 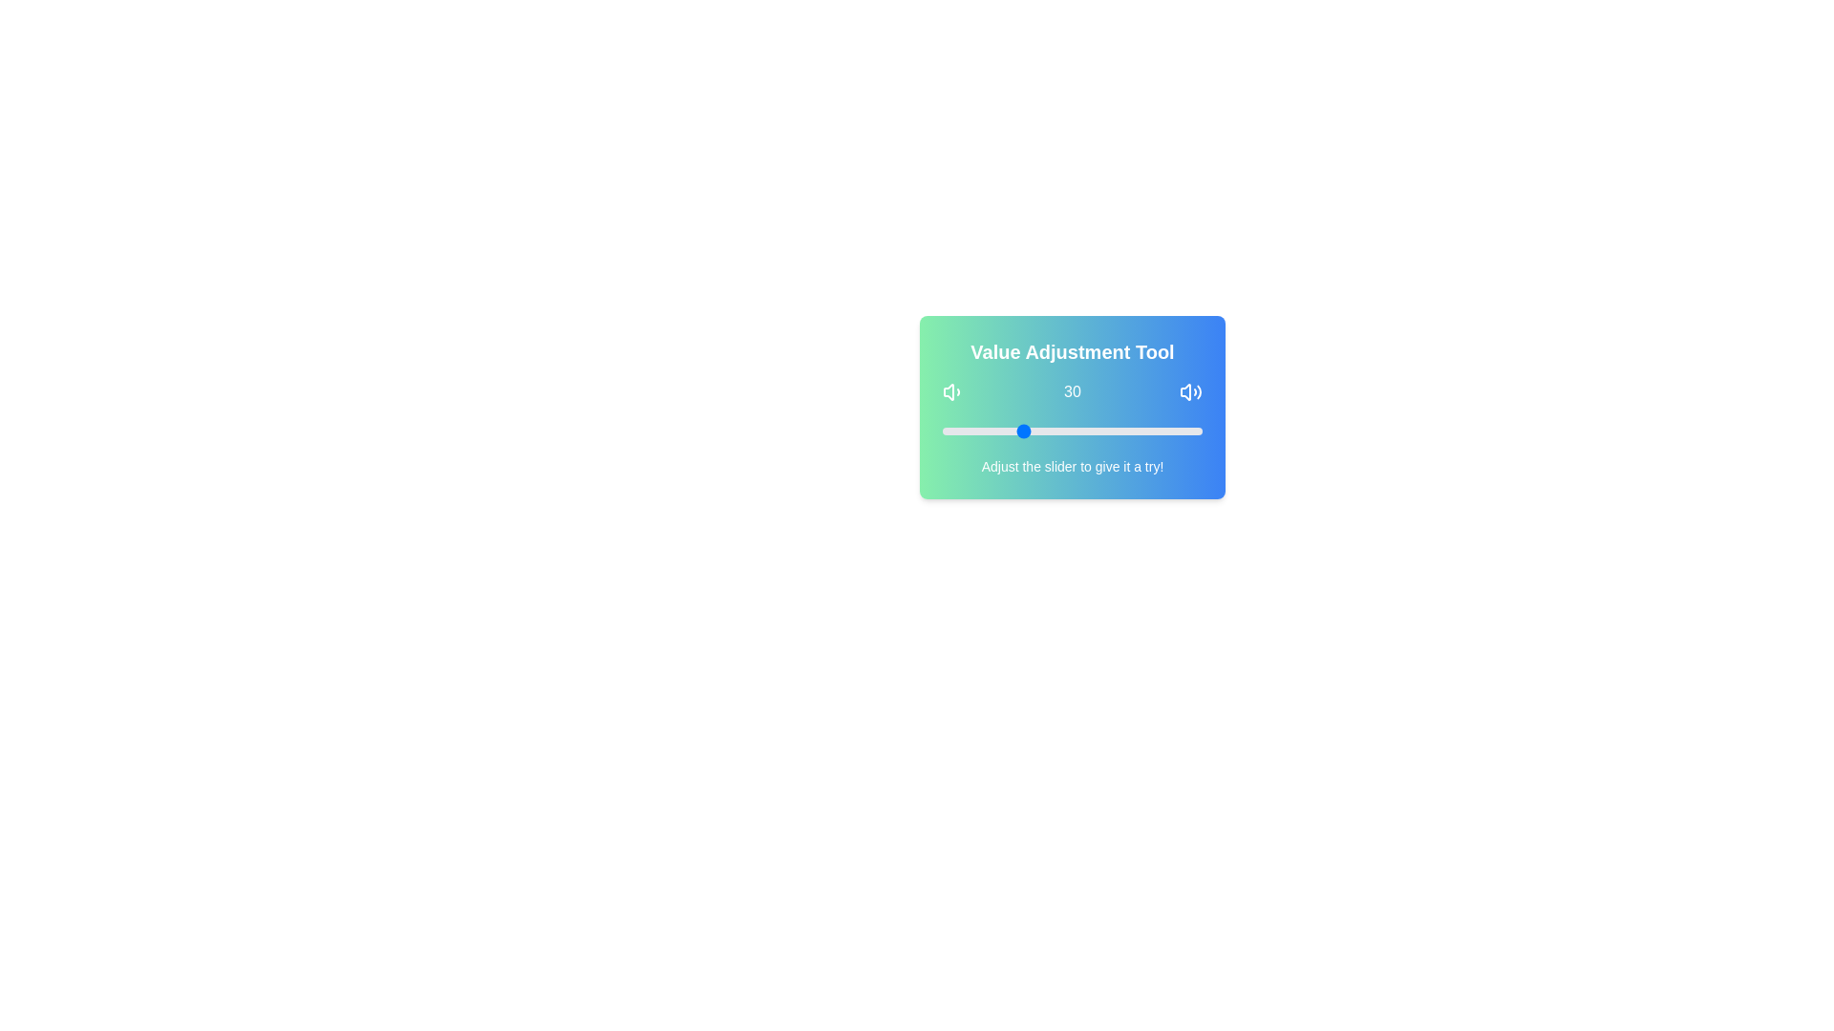 I want to click on the slider, so click(x=1109, y=431).